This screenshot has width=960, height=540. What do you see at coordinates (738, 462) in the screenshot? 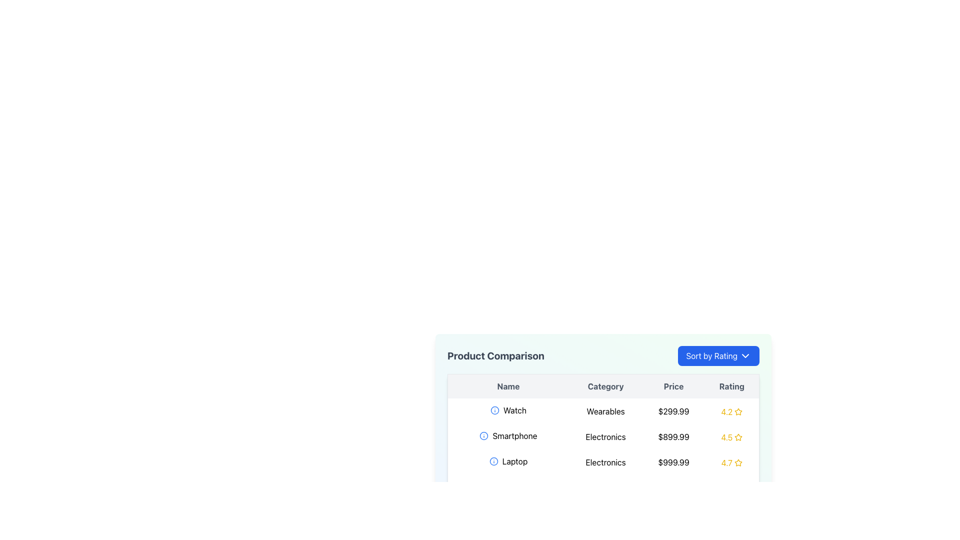
I see `the Rating Indicator Icon located in the last row of the 'Rating' column next to the numerical rating '4.7' for the 'Laptop' product` at bounding box center [738, 462].